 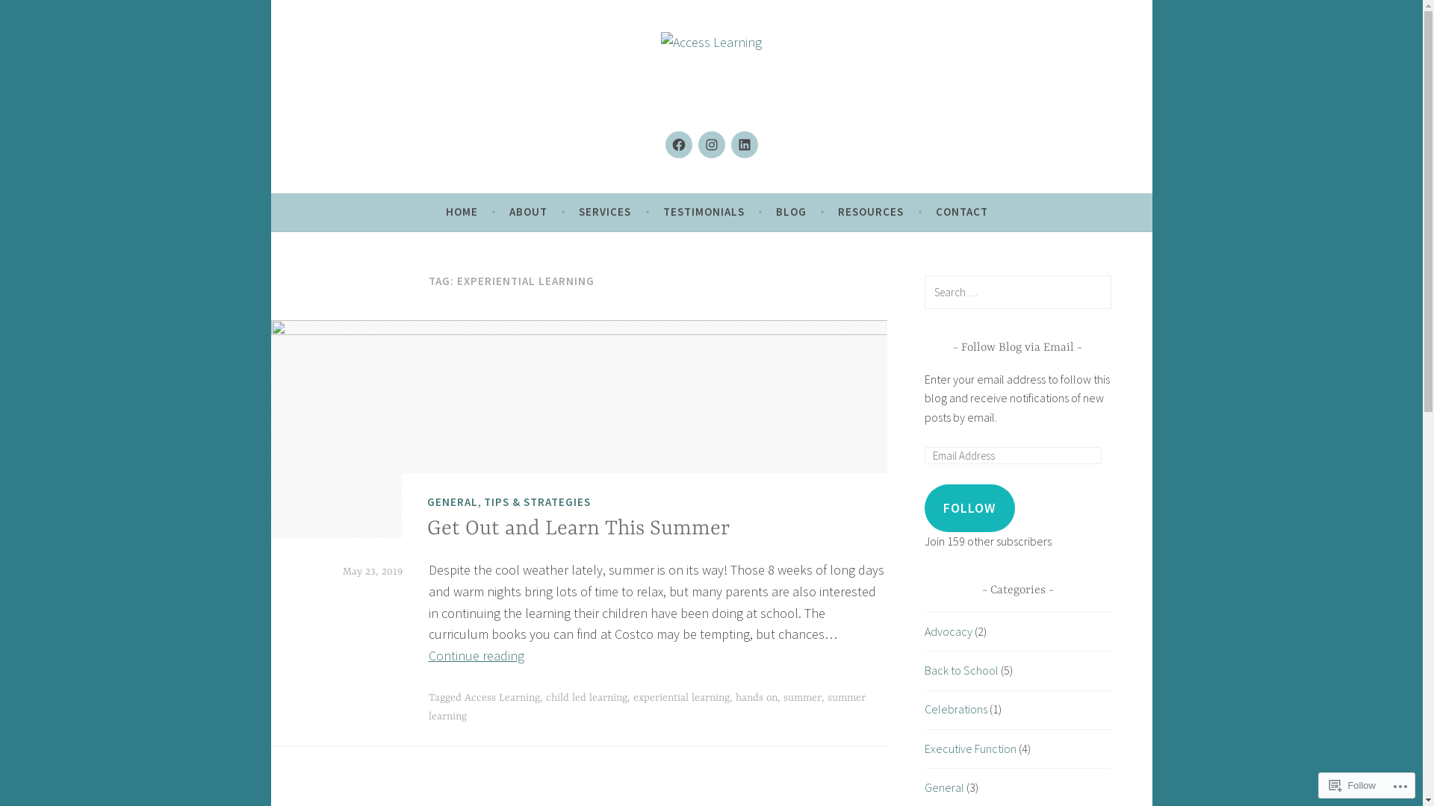 What do you see at coordinates (961, 212) in the screenshot?
I see `'CONTACT'` at bounding box center [961, 212].